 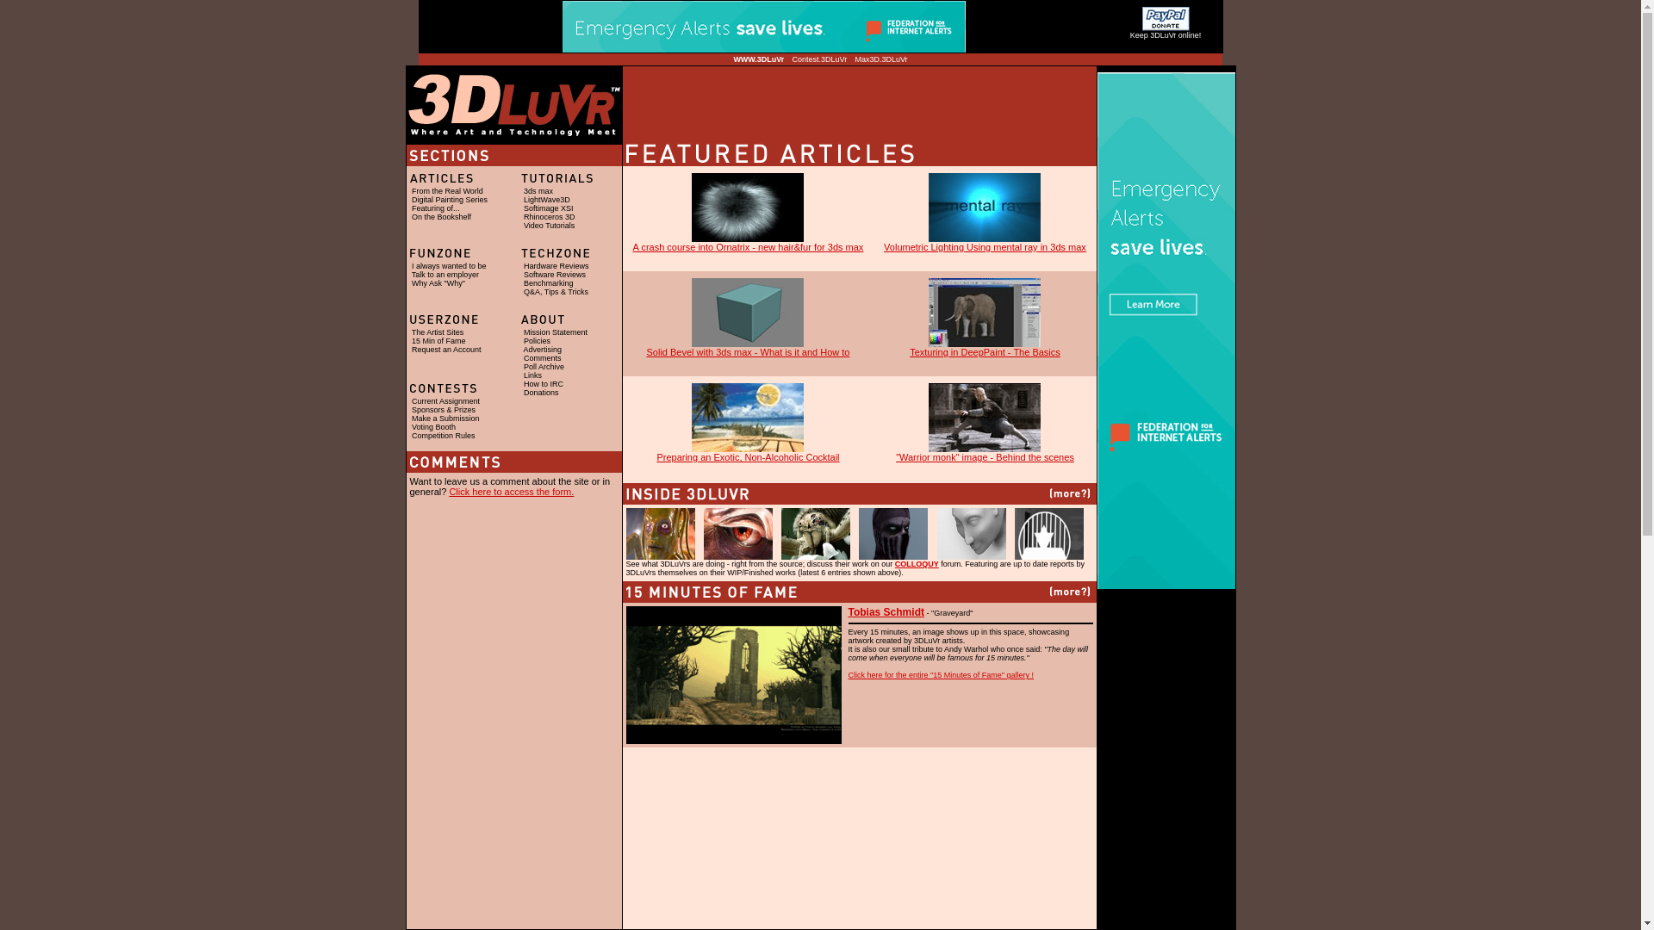 What do you see at coordinates (438, 282) in the screenshot?
I see `'Why Ask "Why"'` at bounding box center [438, 282].